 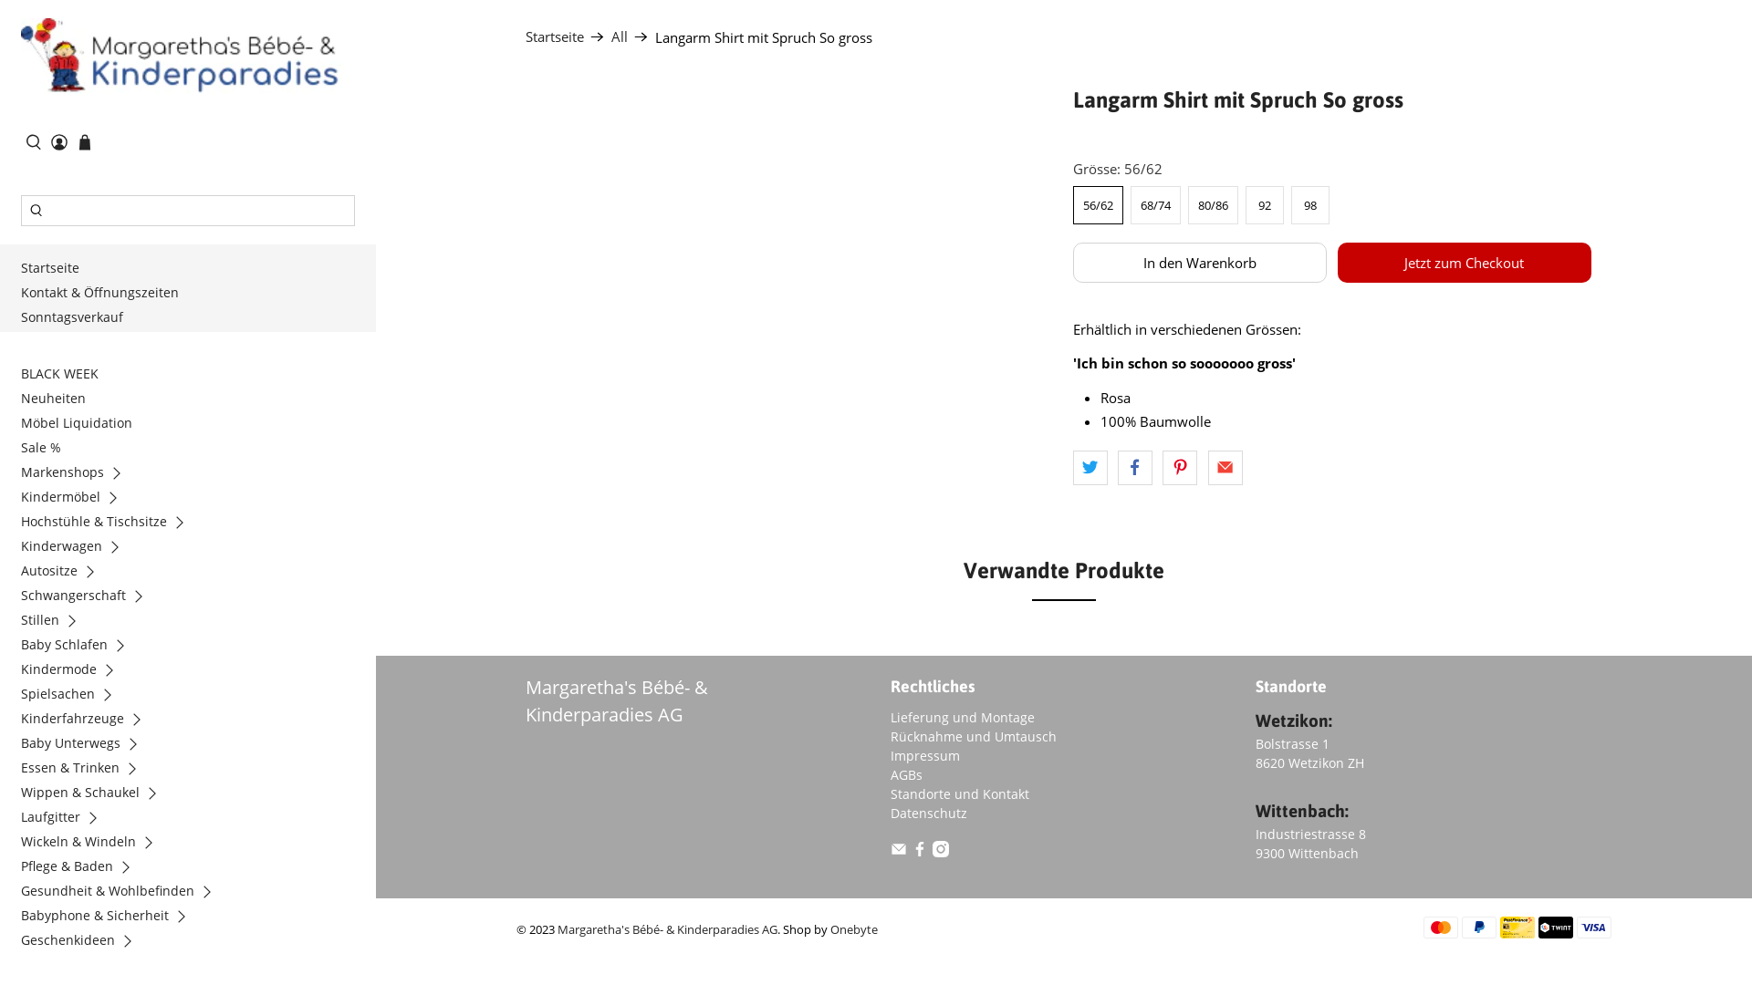 What do you see at coordinates (1225, 467) in the screenshot?
I see `'An einen Freund mailen'` at bounding box center [1225, 467].